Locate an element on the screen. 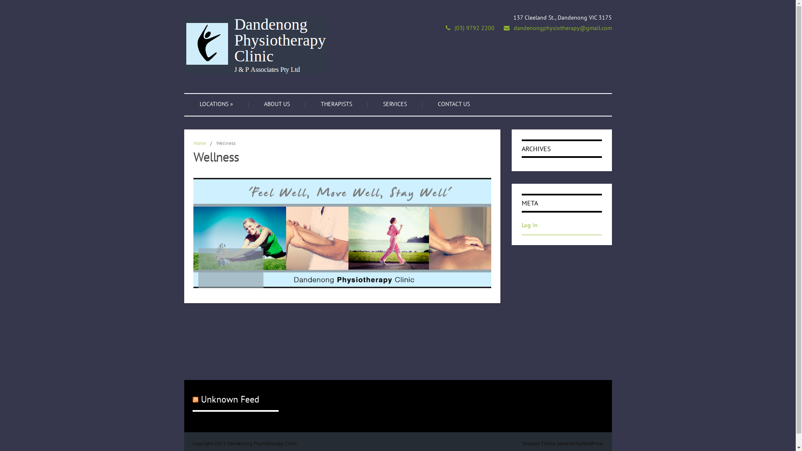 Image resolution: width=802 pixels, height=451 pixels. 'Log in' is located at coordinates (529, 225).